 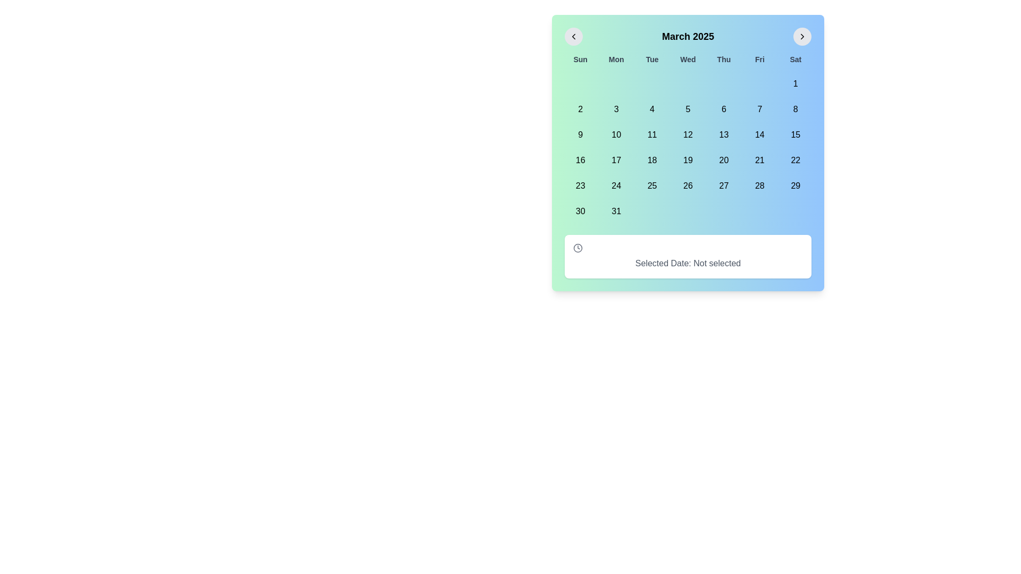 I want to click on the button representing day '5' in the calendar grid, so click(x=688, y=109).